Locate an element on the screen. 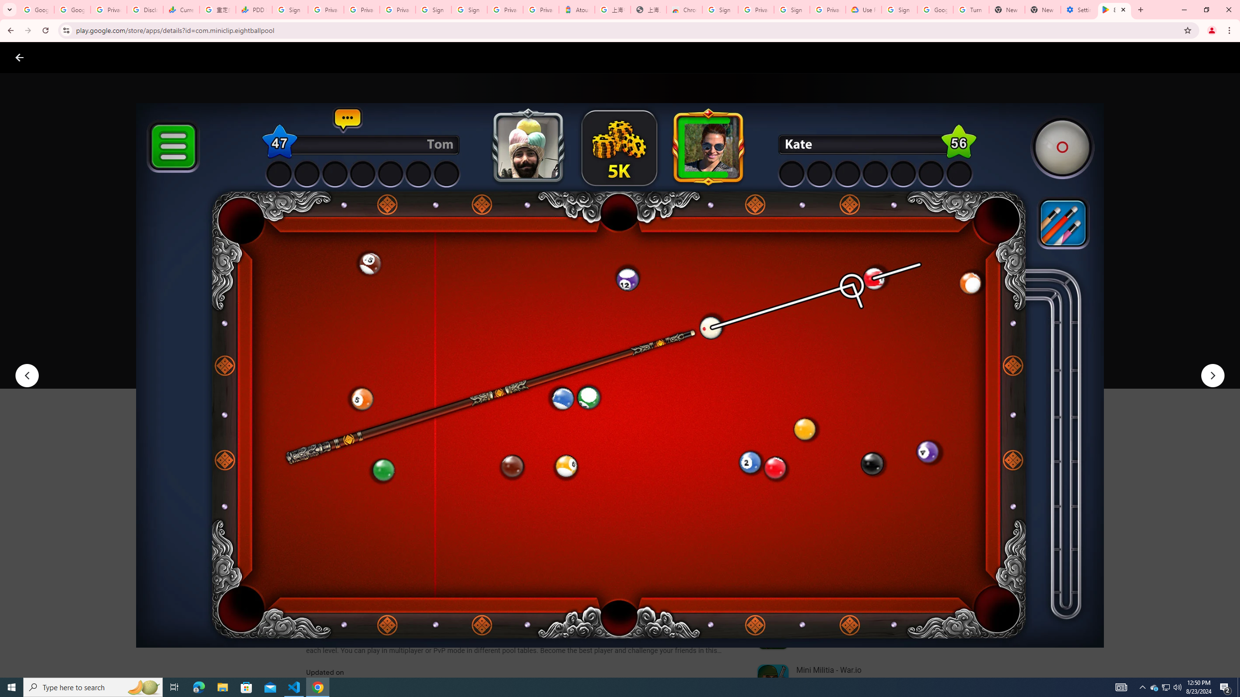  'Privacy Checkup' is located at coordinates (361, 9).